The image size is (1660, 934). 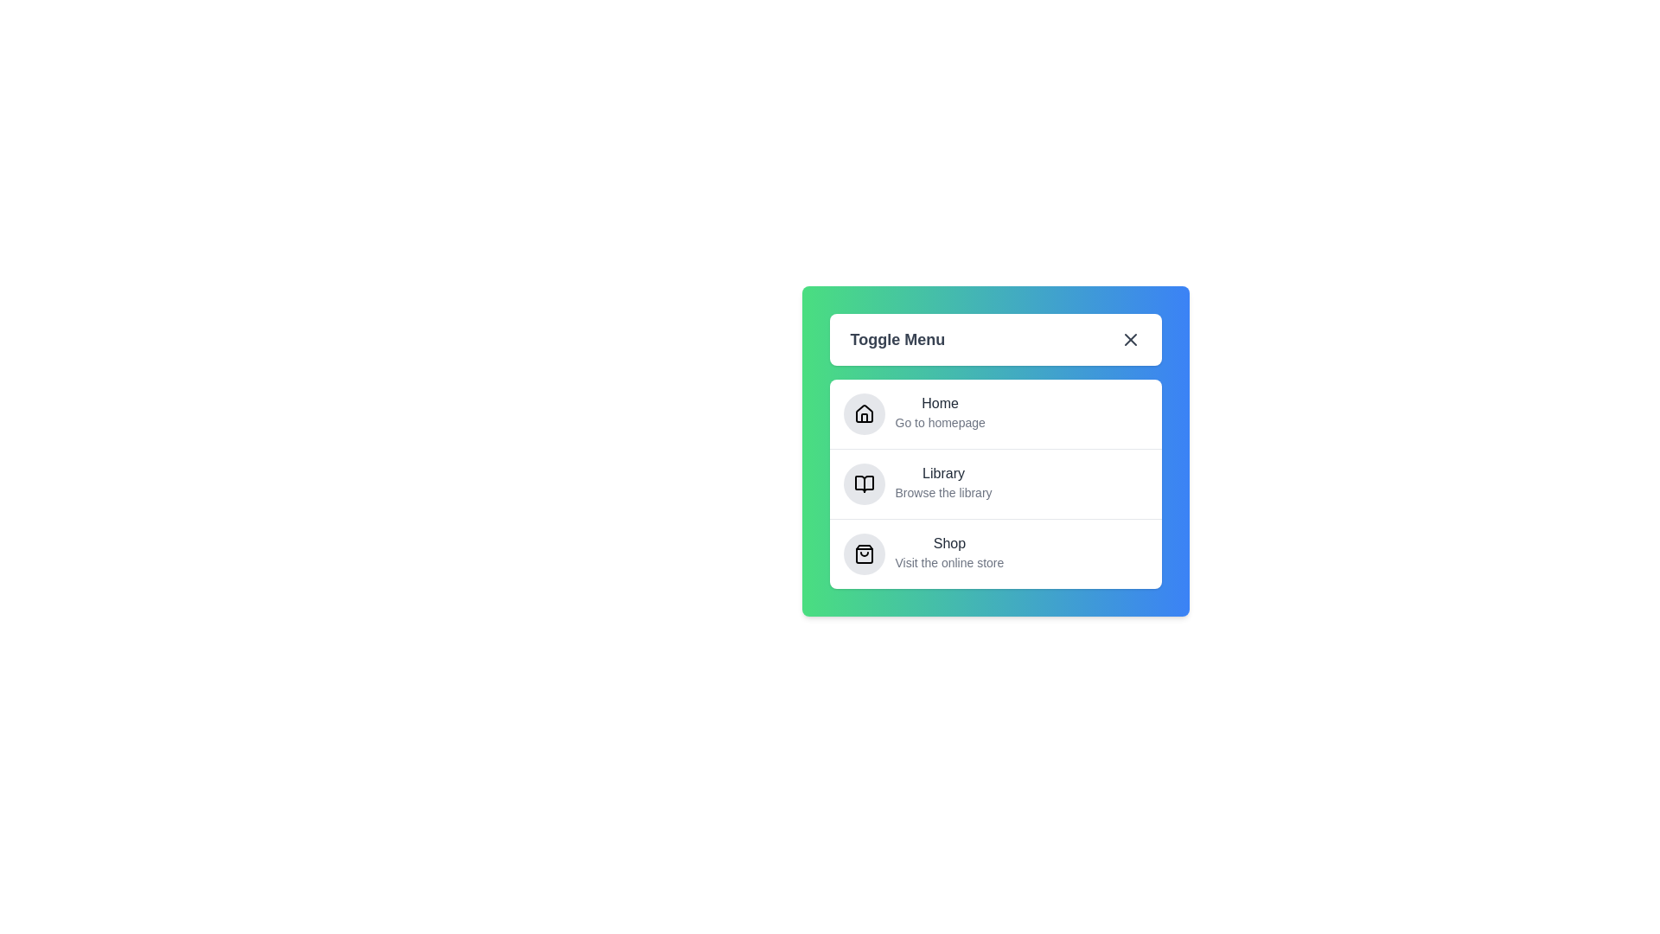 I want to click on the menu item Home to observe the hover effect, so click(x=949, y=406).